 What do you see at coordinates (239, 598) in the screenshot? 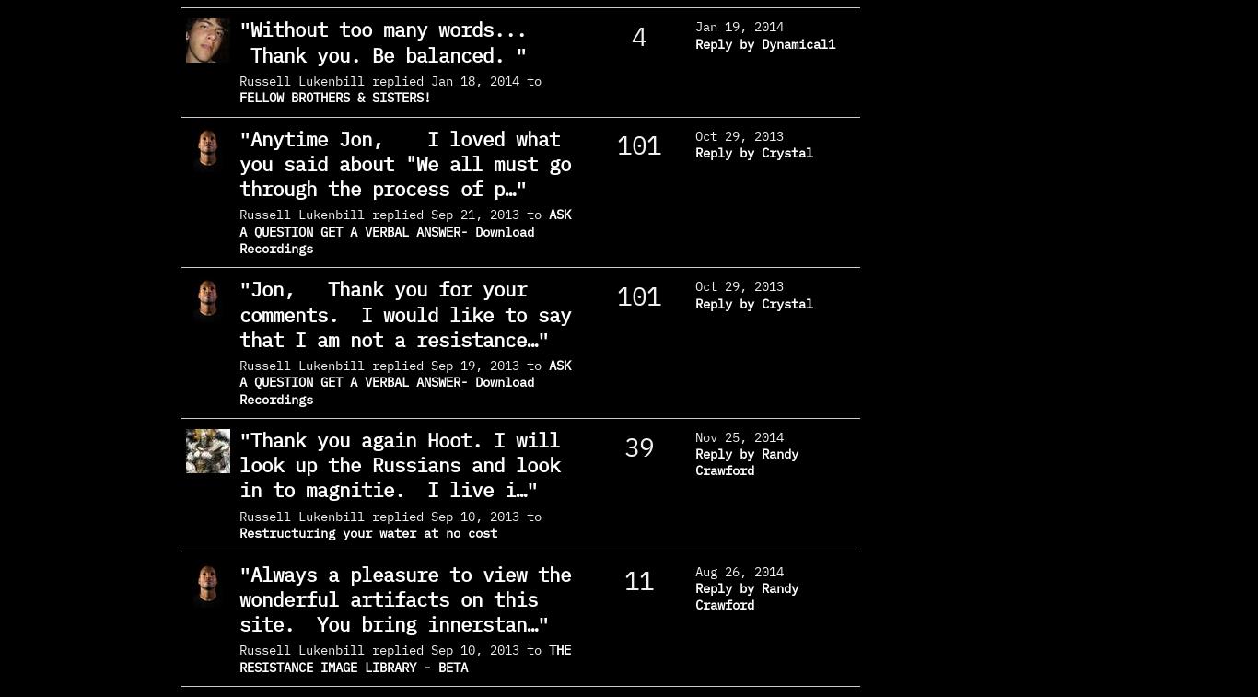
I see `'Always a pleasure to view the wonderful artifacts on this site.  You bring innerstan…'` at bounding box center [239, 598].